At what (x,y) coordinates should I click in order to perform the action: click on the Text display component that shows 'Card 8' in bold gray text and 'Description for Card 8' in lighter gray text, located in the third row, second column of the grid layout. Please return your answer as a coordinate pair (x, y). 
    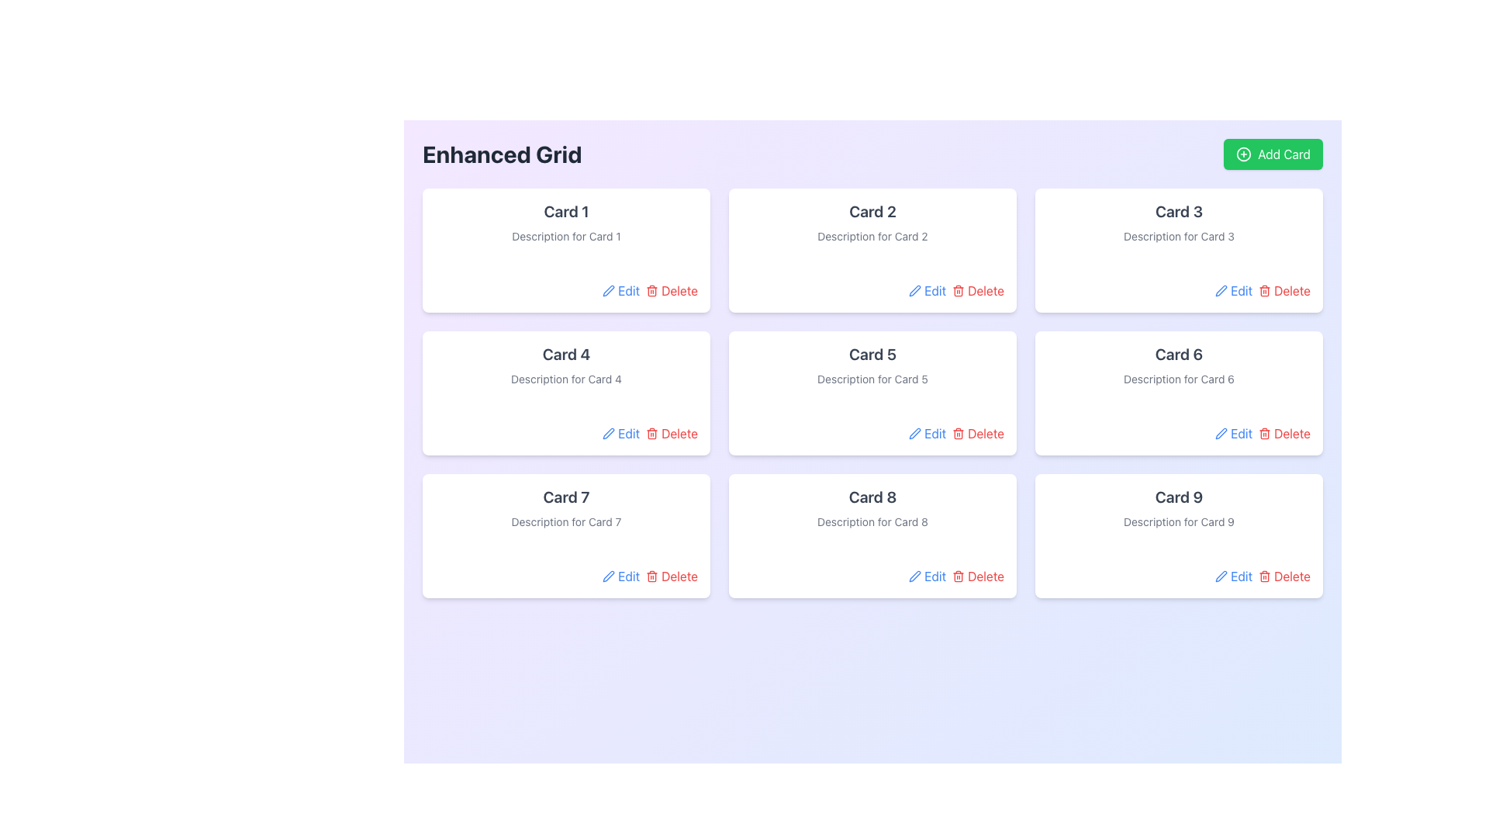
    Looking at the image, I should click on (872, 508).